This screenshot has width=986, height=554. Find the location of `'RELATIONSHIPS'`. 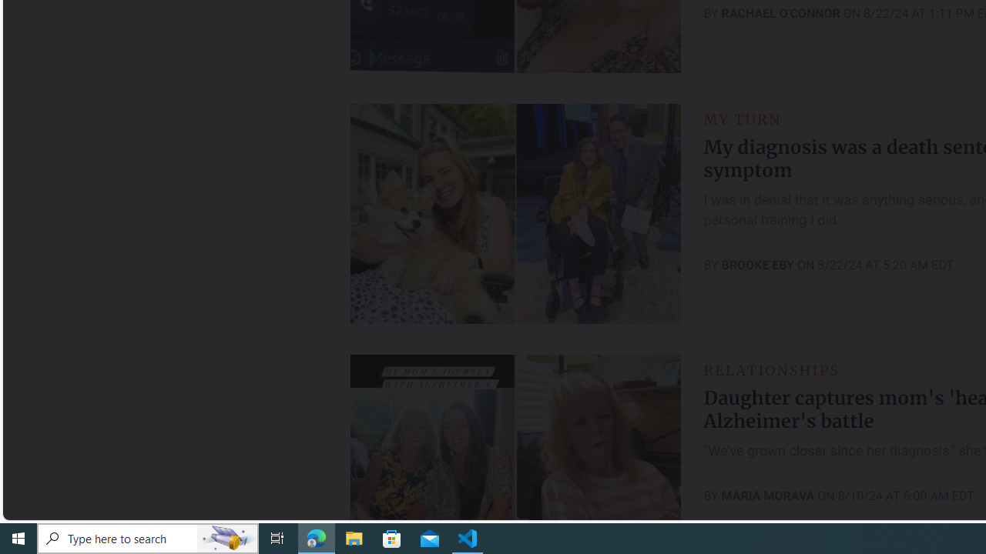

'RELATIONSHIPS' is located at coordinates (771, 369).